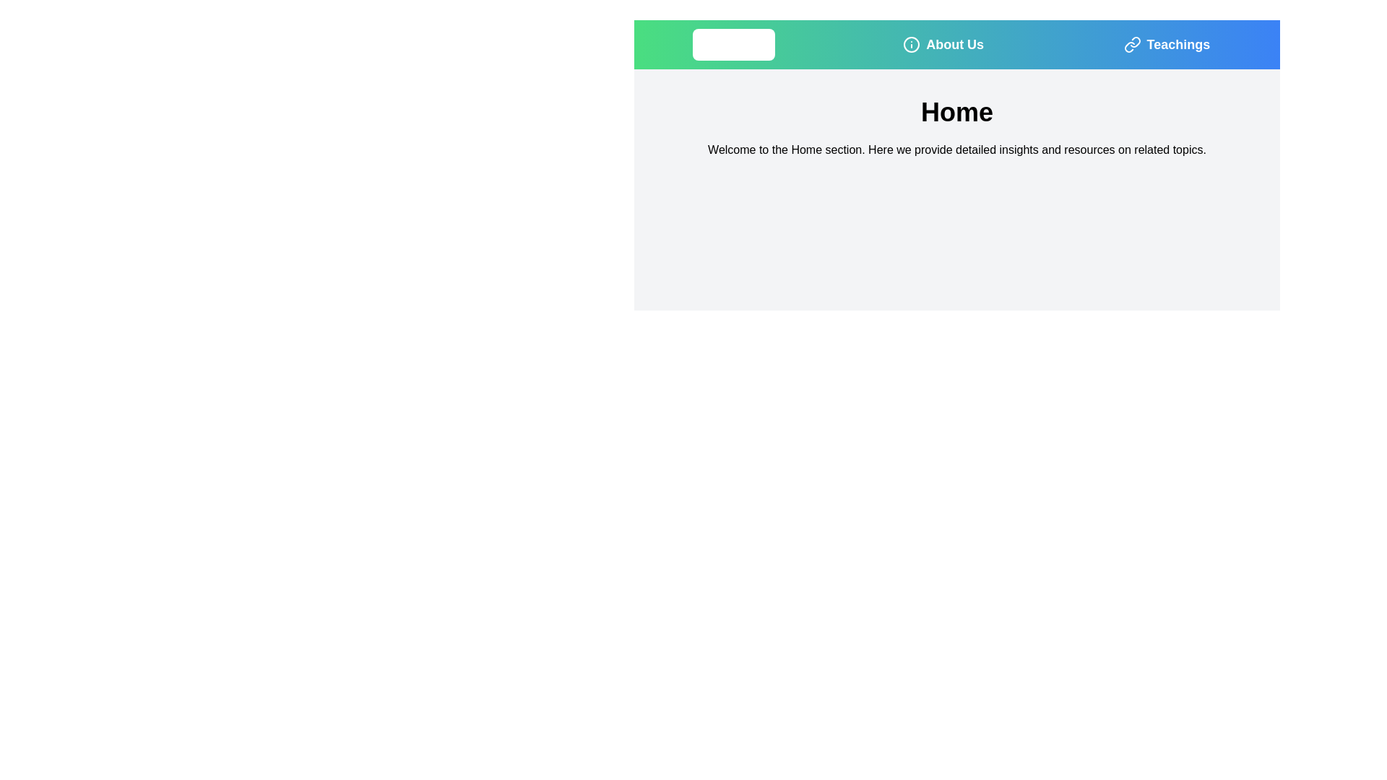  Describe the element at coordinates (911, 43) in the screenshot. I see `the central circular element of the information icon located in the top navigation bar, positioned slightly to the right of the 'About Us' text` at that location.